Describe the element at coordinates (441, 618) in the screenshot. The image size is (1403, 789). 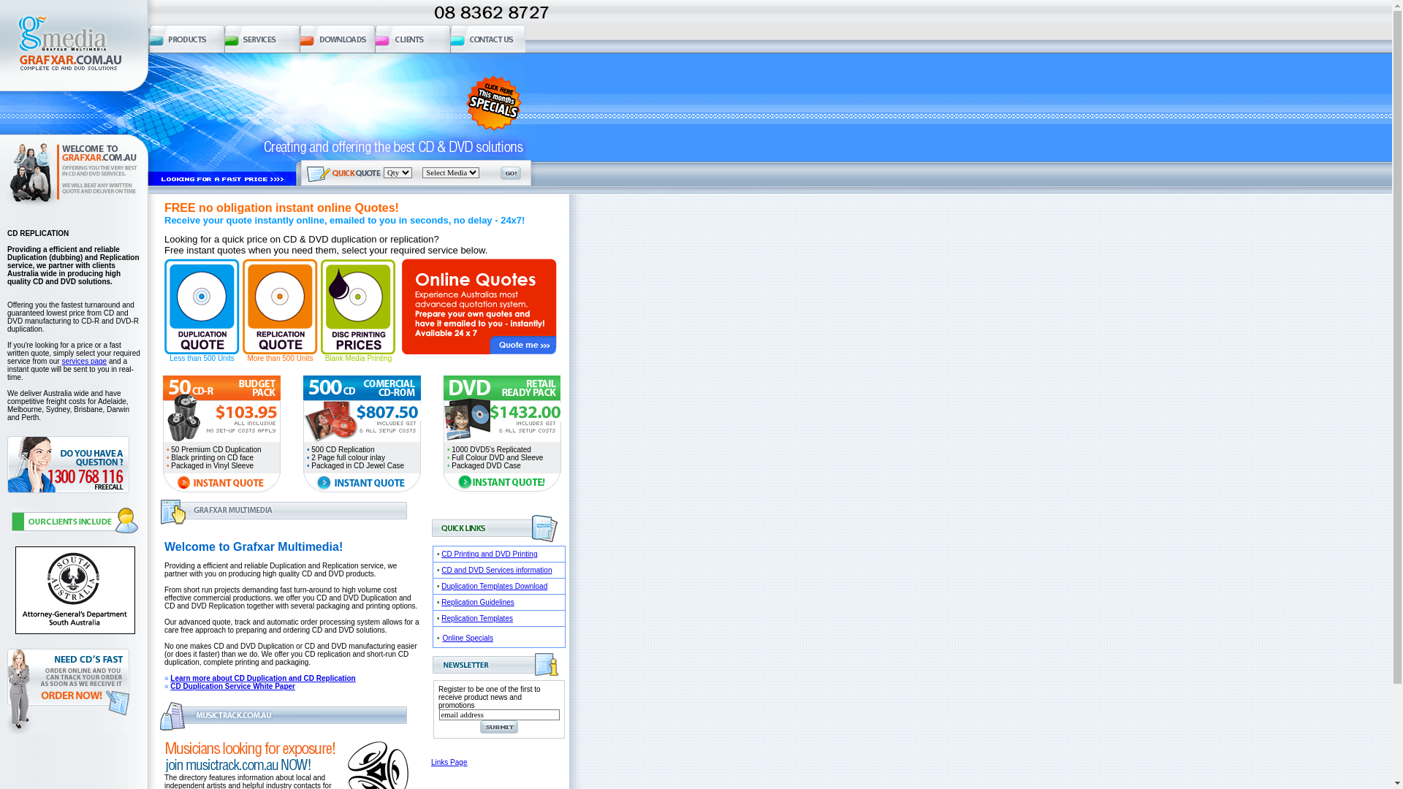
I see `'Replication Templates'` at that location.